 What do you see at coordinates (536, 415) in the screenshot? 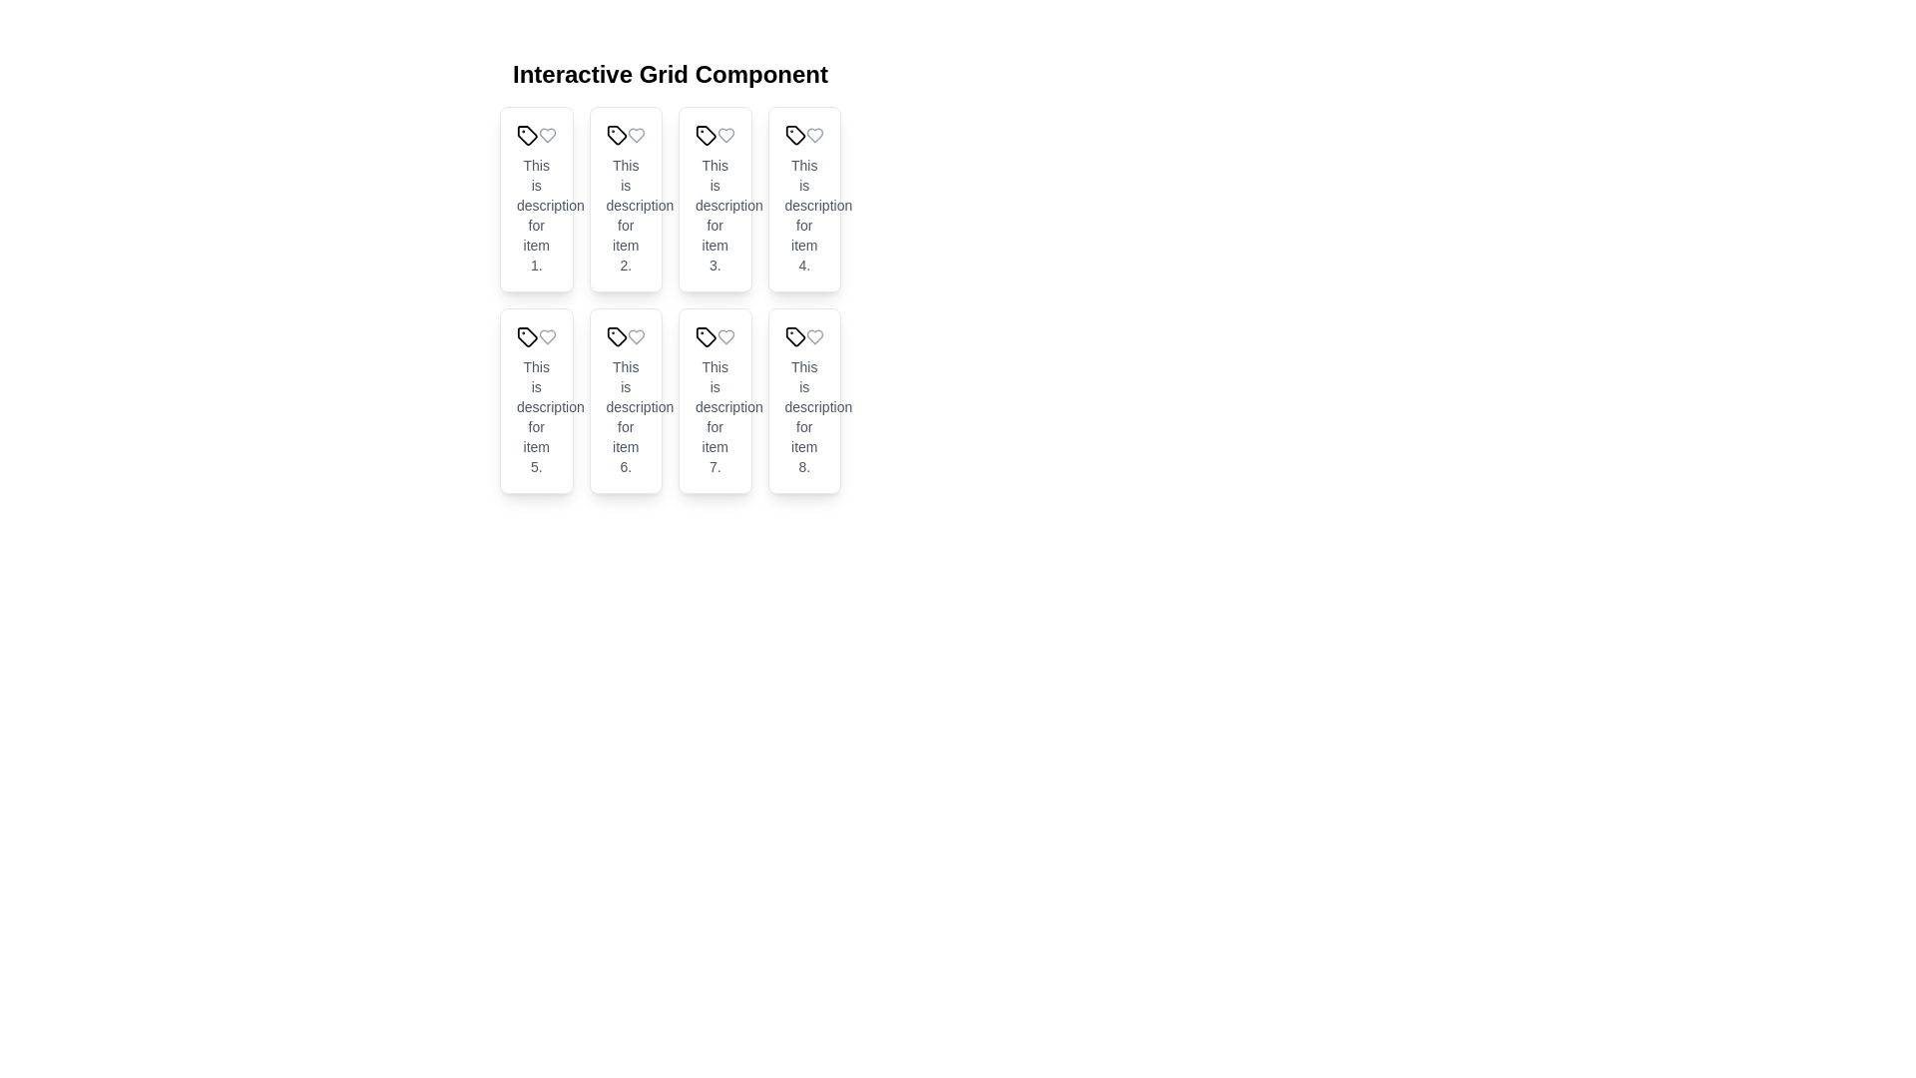
I see `the descriptive text block located in the bottom section of 'Tile 5' in the grid layout` at bounding box center [536, 415].